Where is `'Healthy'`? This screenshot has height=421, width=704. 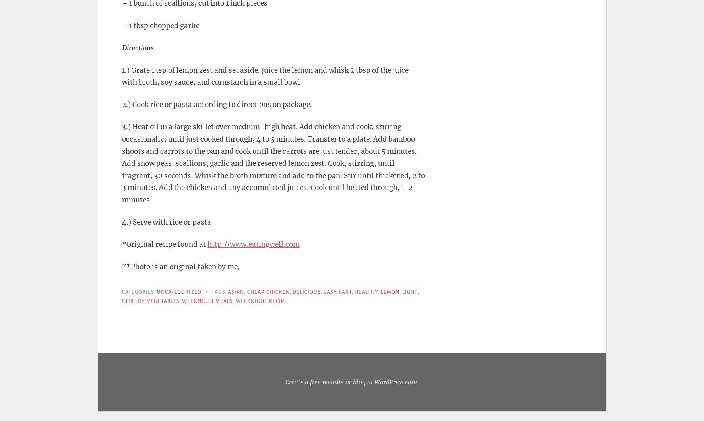 'Healthy' is located at coordinates (366, 292).